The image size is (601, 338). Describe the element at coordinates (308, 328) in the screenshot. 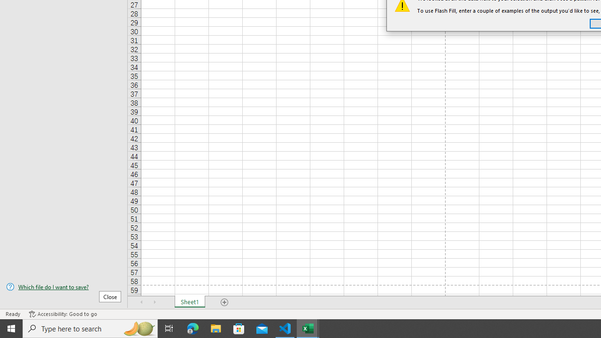

I see `'Excel - 2 running windows'` at that location.